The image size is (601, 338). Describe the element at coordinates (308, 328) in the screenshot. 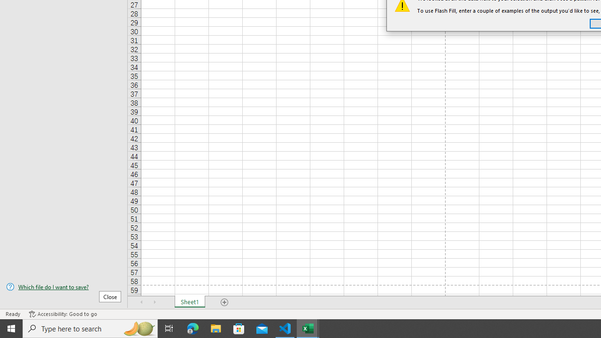

I see `'Excel - 2 running windows'` at that location.